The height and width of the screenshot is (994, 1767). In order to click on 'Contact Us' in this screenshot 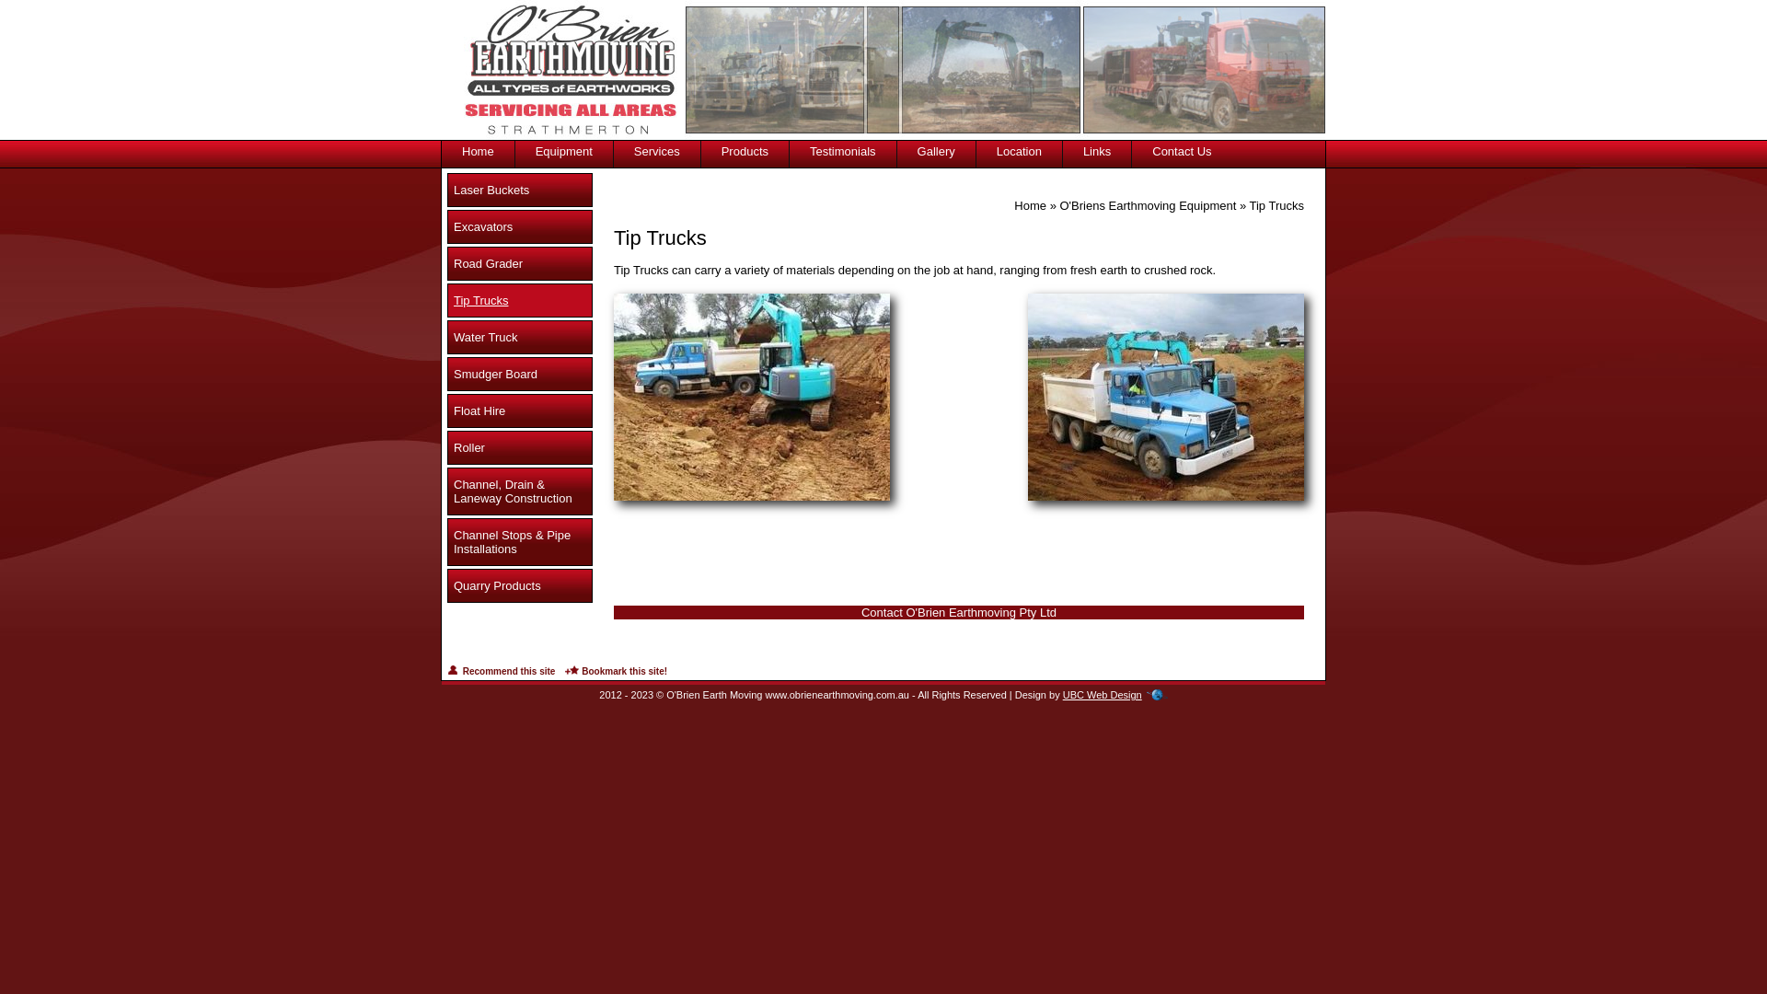, I will do `click(1181, 143)`.